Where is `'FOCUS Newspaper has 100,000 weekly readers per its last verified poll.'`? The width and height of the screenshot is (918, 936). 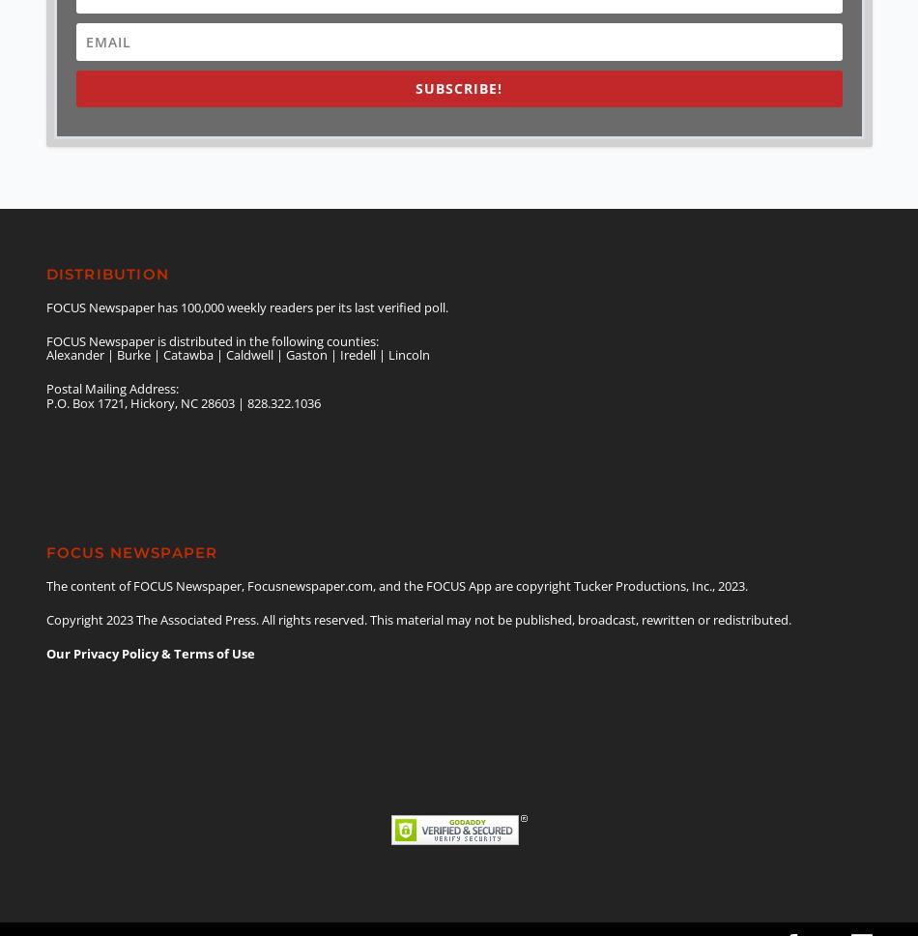 'FOCUS Newspaper has 100,000 weekly readers per its last verified poll.' is located at coordinates (45, 306).